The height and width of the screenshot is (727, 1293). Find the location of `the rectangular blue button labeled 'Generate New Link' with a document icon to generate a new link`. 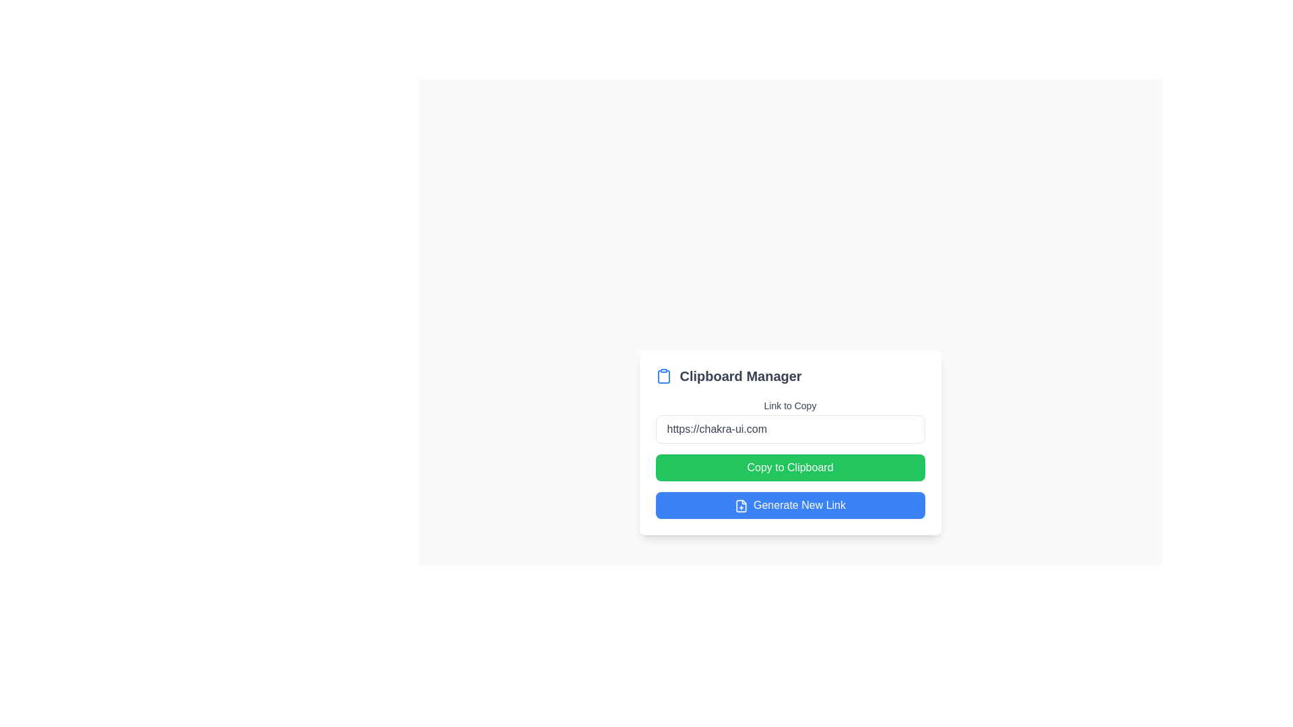

the rectangular blue button labeled 'Generate New Link' with a document icon to generate a new link is located at coordinates (790, 506).